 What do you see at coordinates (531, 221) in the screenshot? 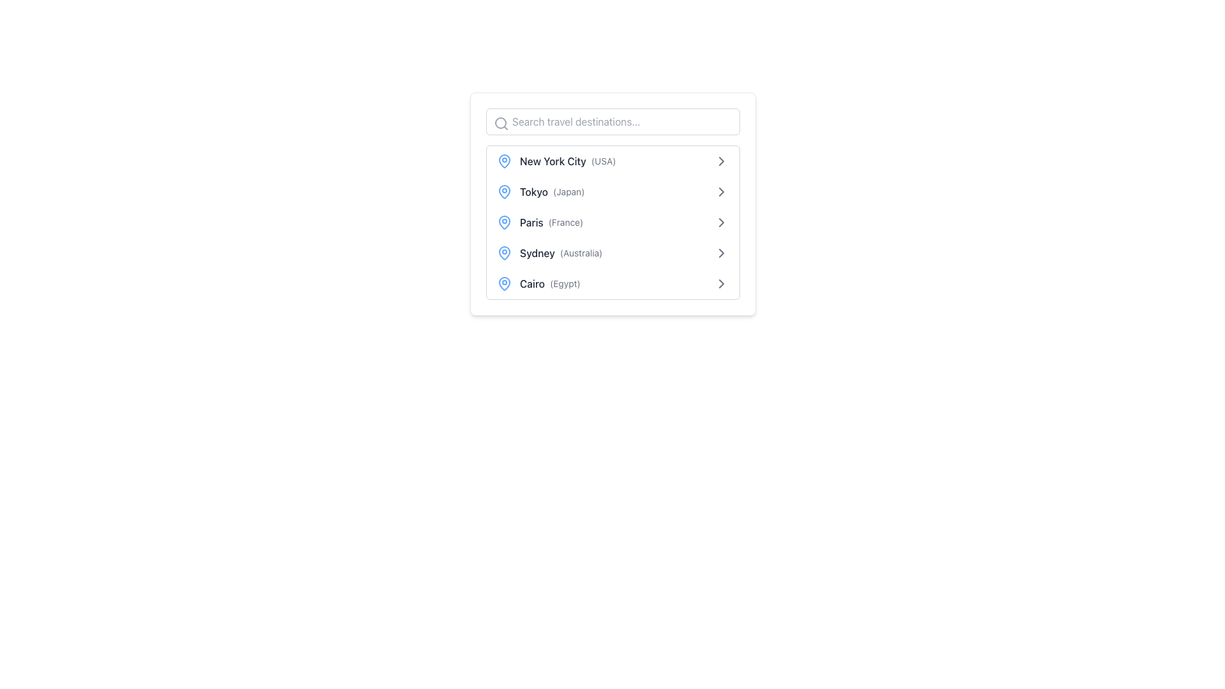
I see `the text label displaying 'Paris'` at bounding box center [531, 221].